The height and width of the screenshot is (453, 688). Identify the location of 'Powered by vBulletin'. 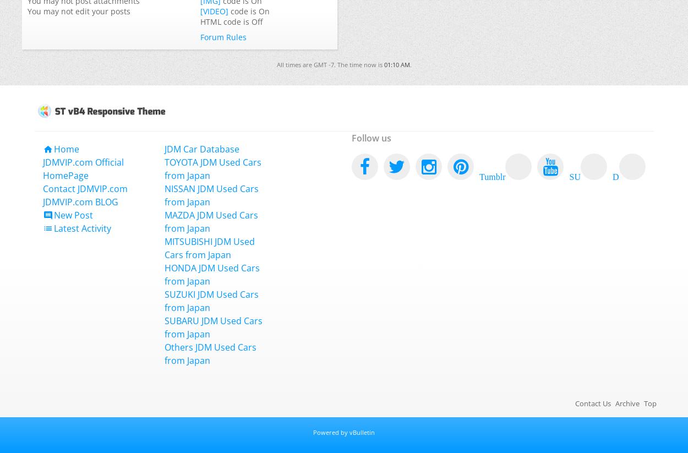
(313, 431).